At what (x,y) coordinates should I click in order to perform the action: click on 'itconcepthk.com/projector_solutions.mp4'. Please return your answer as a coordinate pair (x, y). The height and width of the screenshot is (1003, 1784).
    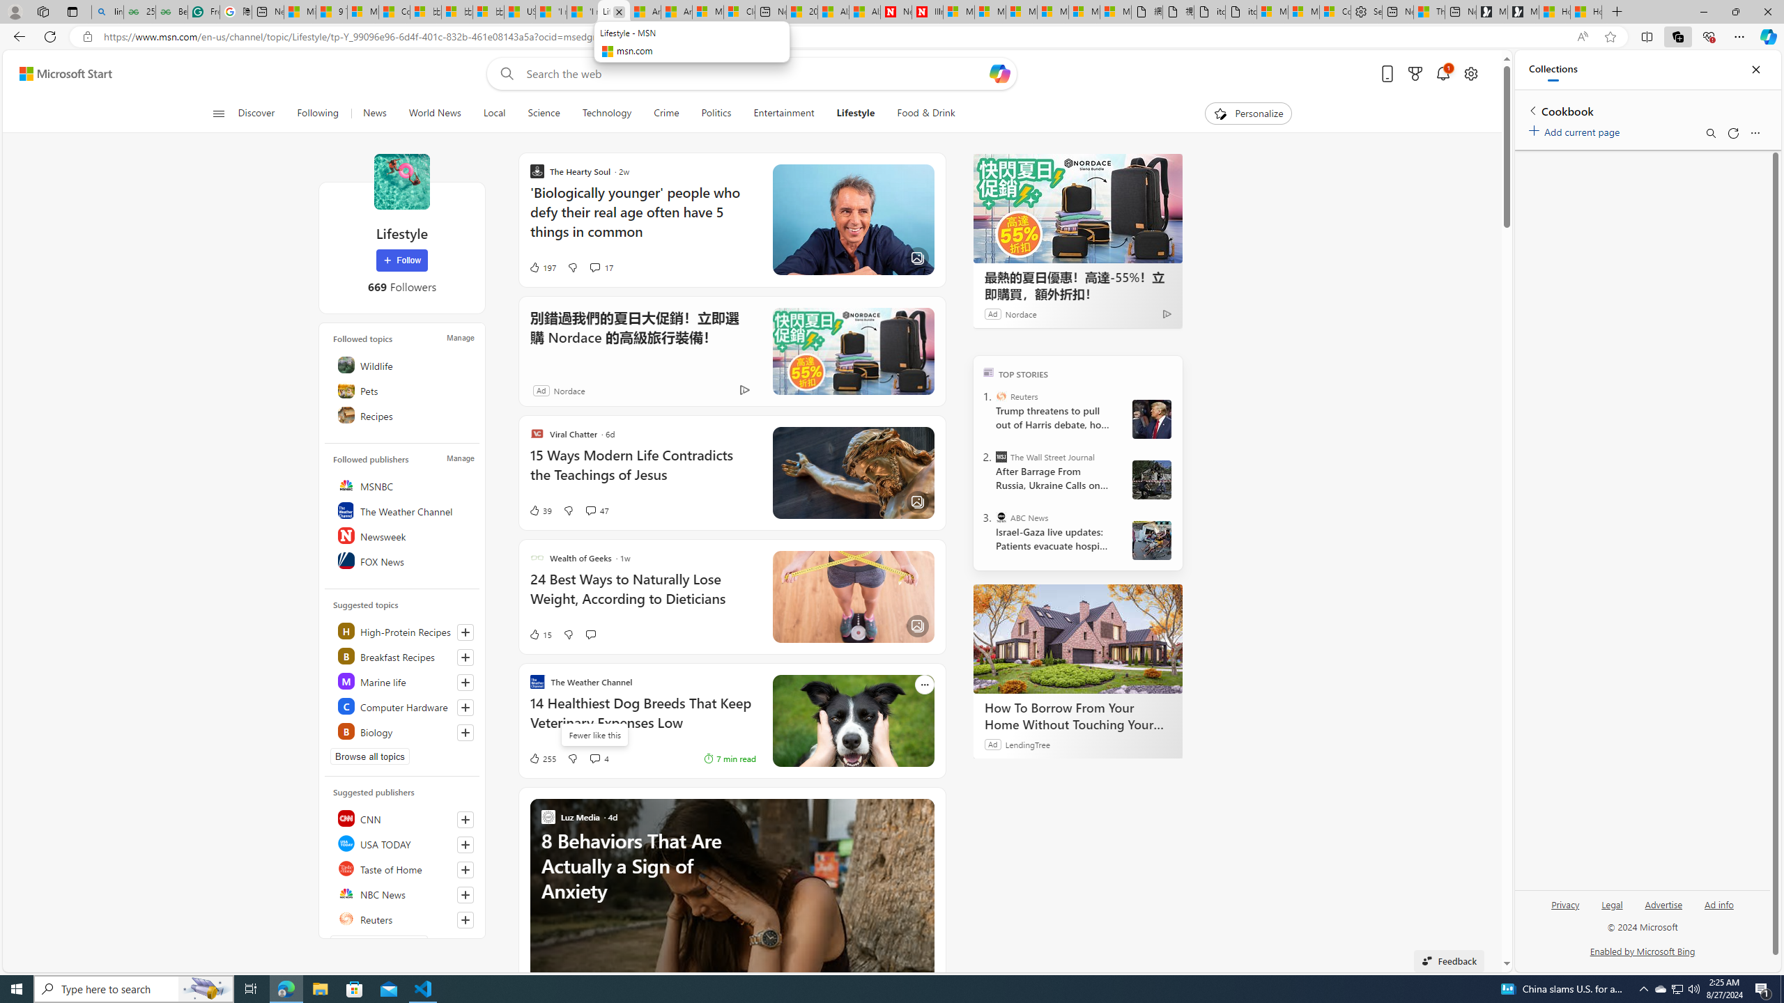
    Looking at the image, I should click on (1241, 11).